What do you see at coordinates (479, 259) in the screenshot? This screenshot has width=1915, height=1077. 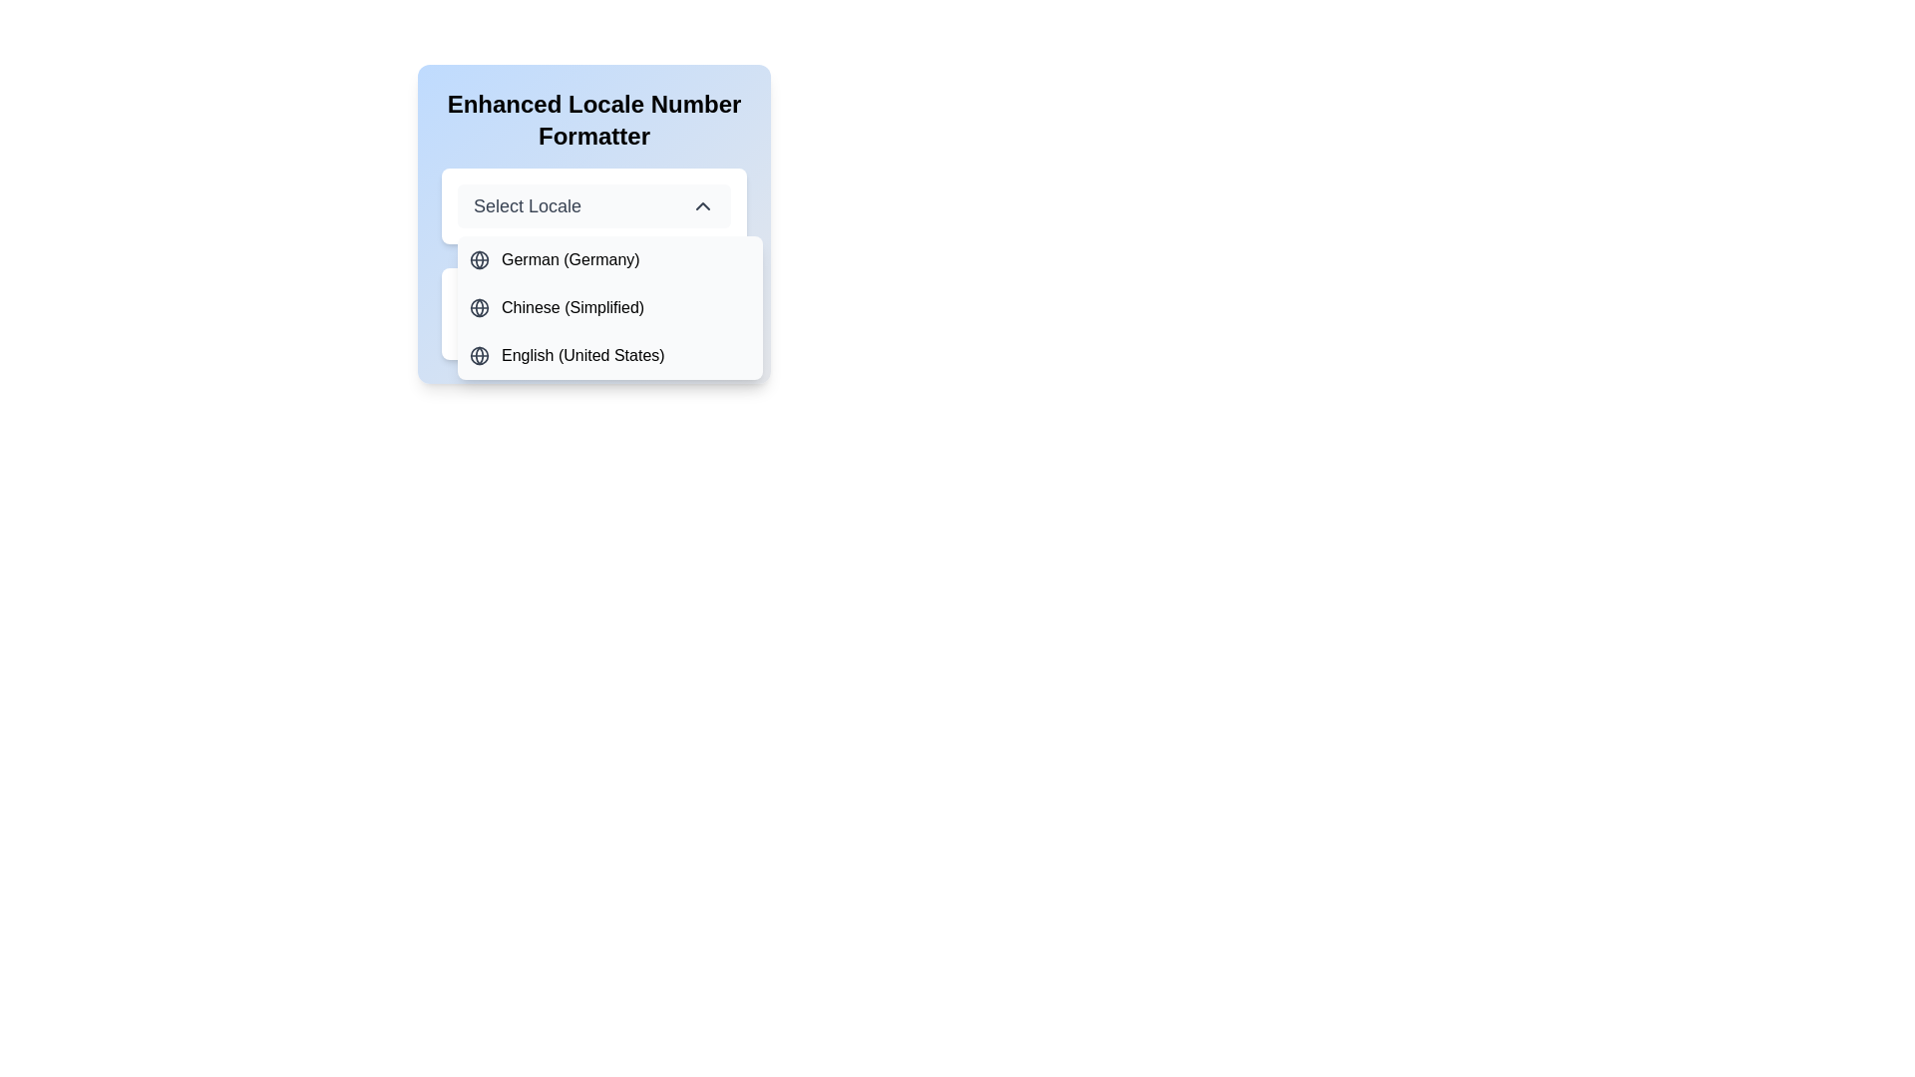 I see `the globe icon located to the left of the text 'German (Germany)' in the first row of the dropdown options, which represents global or locale settings` at bounding box center [479, 259].